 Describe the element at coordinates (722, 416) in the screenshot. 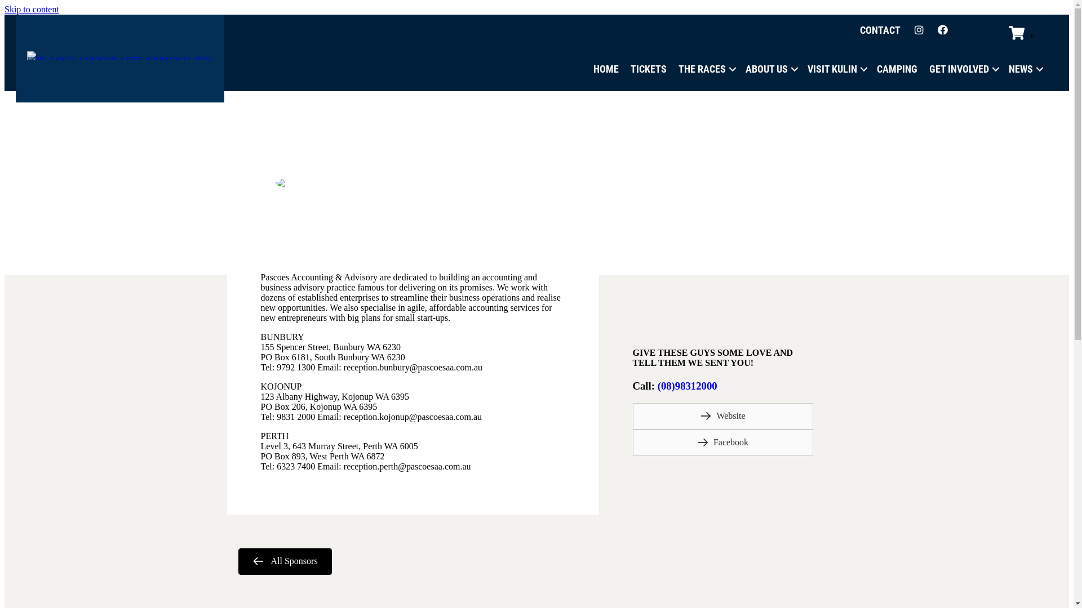

I see `'Website'` at that location.